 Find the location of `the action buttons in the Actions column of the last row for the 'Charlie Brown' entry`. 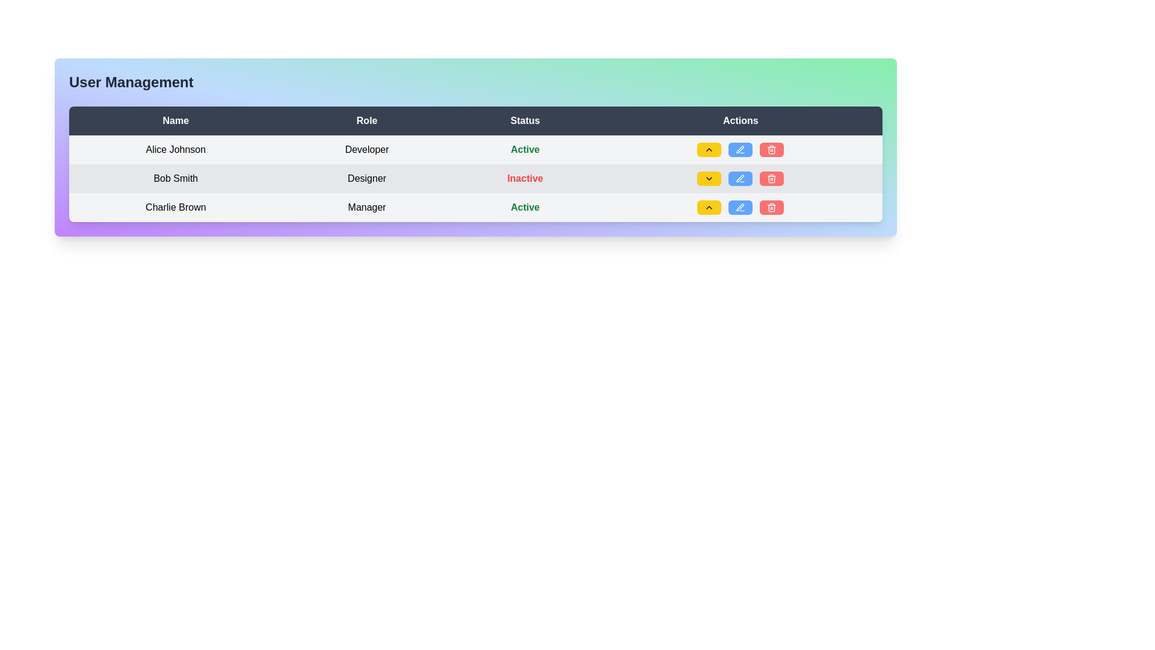

the action buttons in the Actions column of the last row for the 'Charlie Brown' entry is located at coordinates (740, 206).